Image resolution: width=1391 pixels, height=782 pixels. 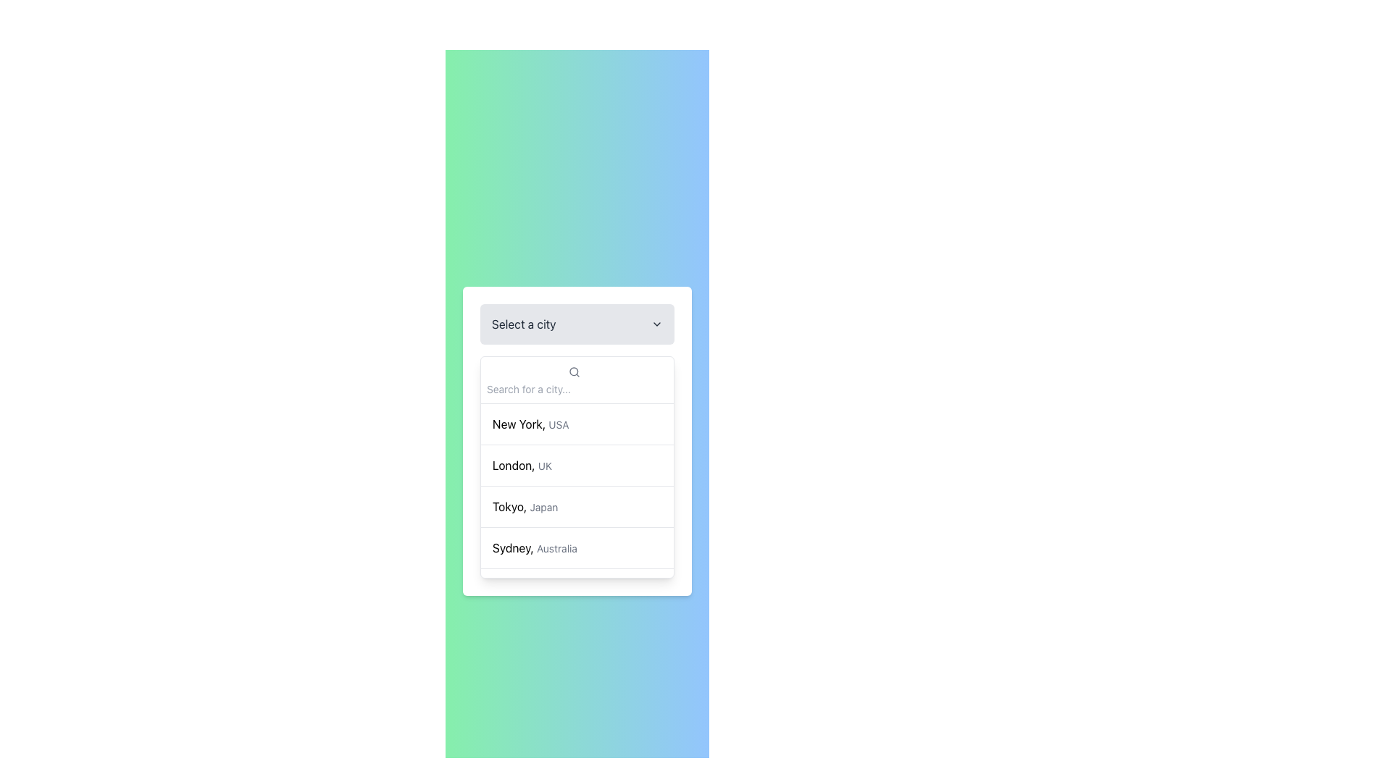 What do you see at coordinates (576, 379) in the screenshot?
I see `the Search Input Field with Icon located under the header 'Select a city' to update dropdown options` at bounding box center [576, 379].